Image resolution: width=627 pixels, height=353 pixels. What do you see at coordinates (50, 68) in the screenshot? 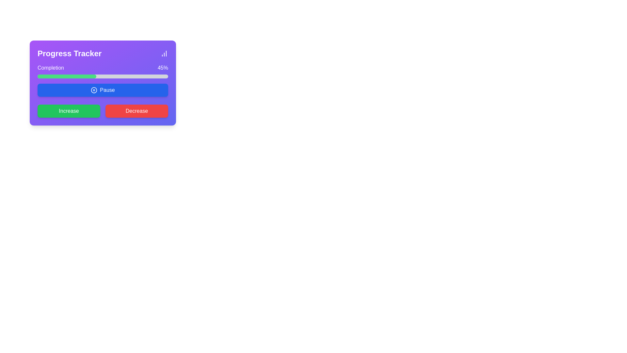
I see `the 'Completion' text label, which is displayed in white color within the purple rectangular area at the top-left portion of the progress tracker card` at bounding box center [50, 68].